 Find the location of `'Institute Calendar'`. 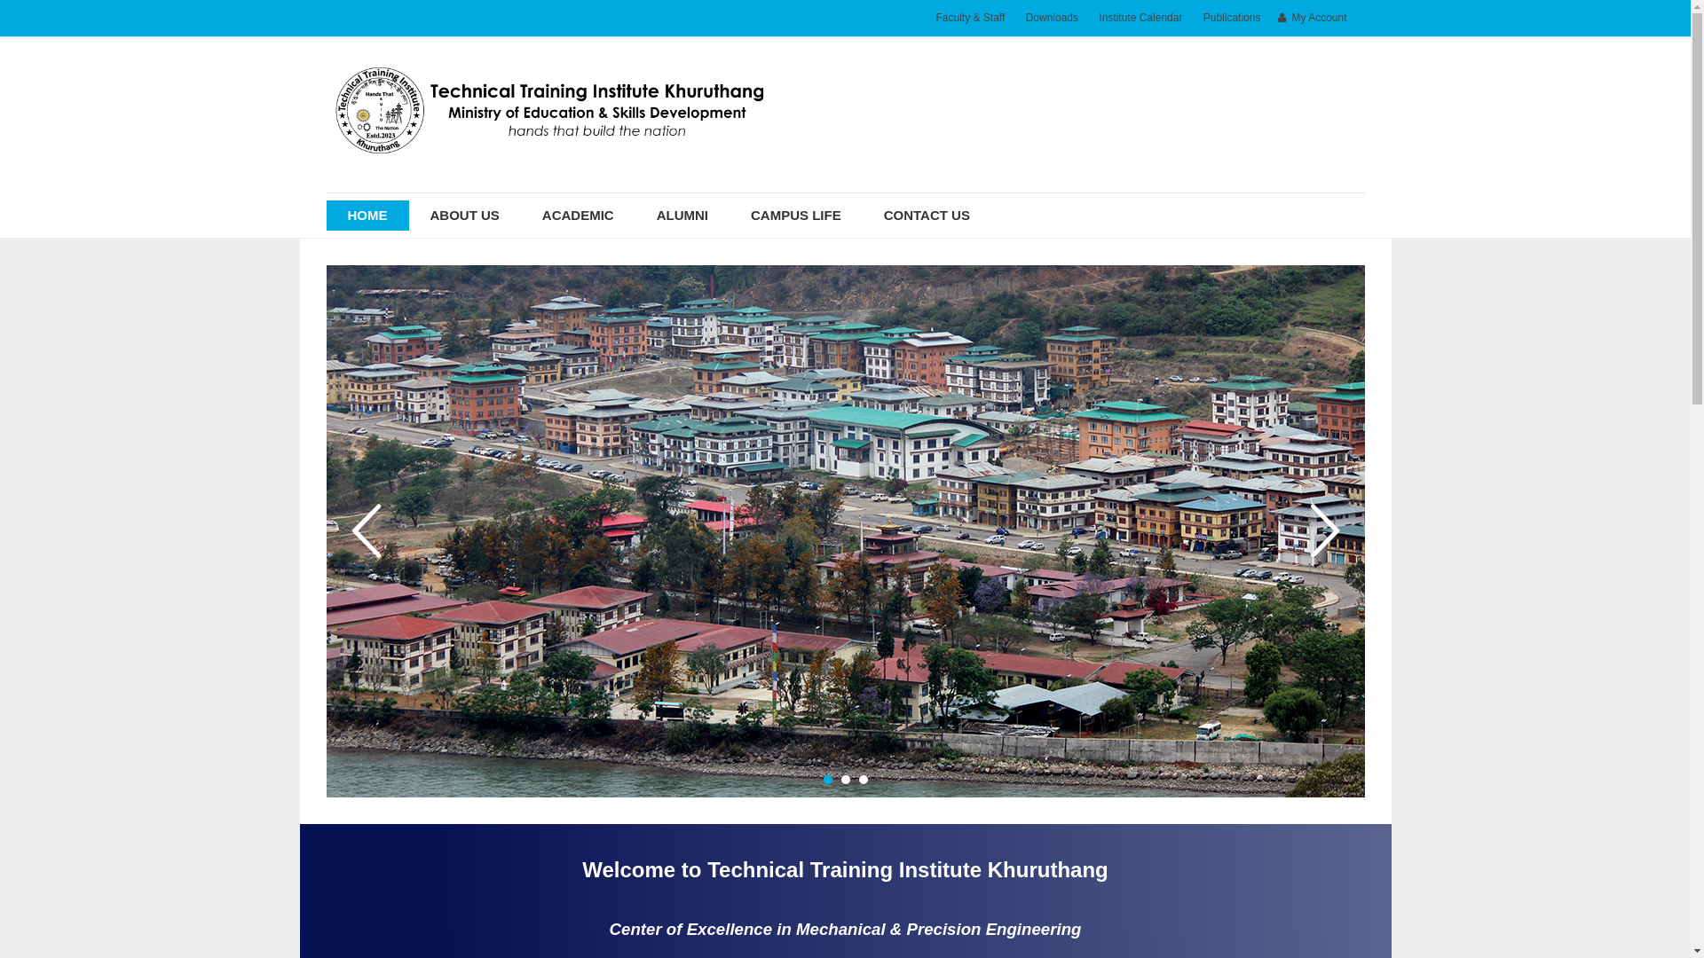

'Institute Calendar' is located at coordinates (1140, 18).